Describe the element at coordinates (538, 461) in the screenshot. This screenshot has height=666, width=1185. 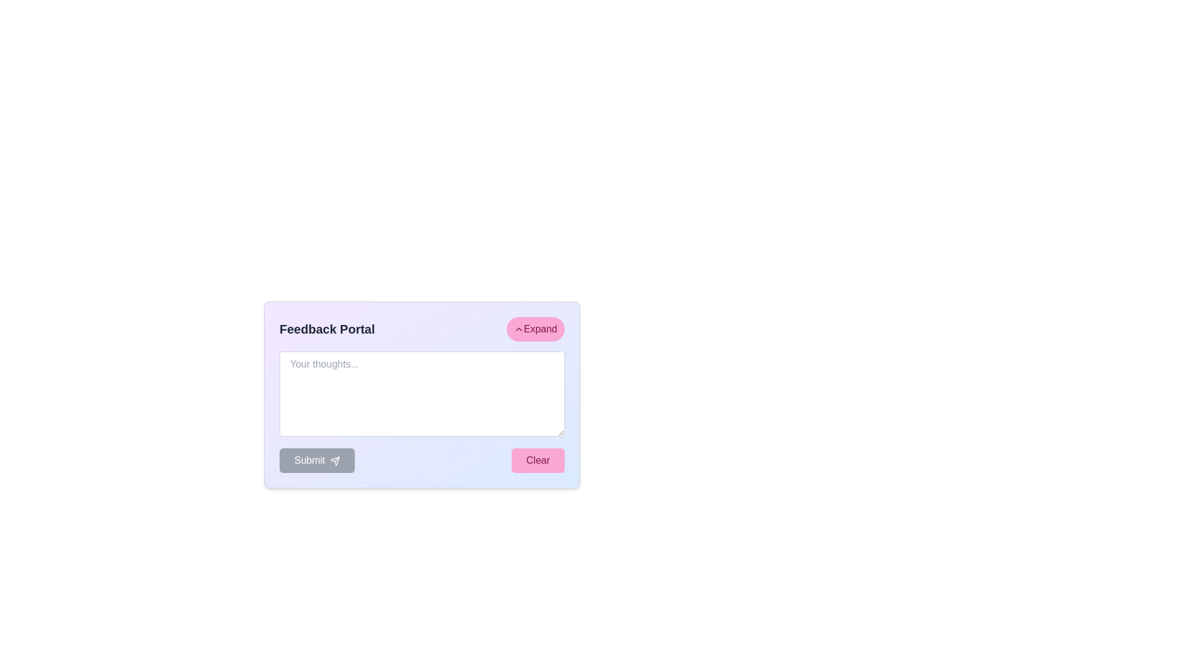
I see `the 'Clear' button, which is a rectangular button with rounded corners, styled in light pink with bold dark pink text, to clear the form` at that location.